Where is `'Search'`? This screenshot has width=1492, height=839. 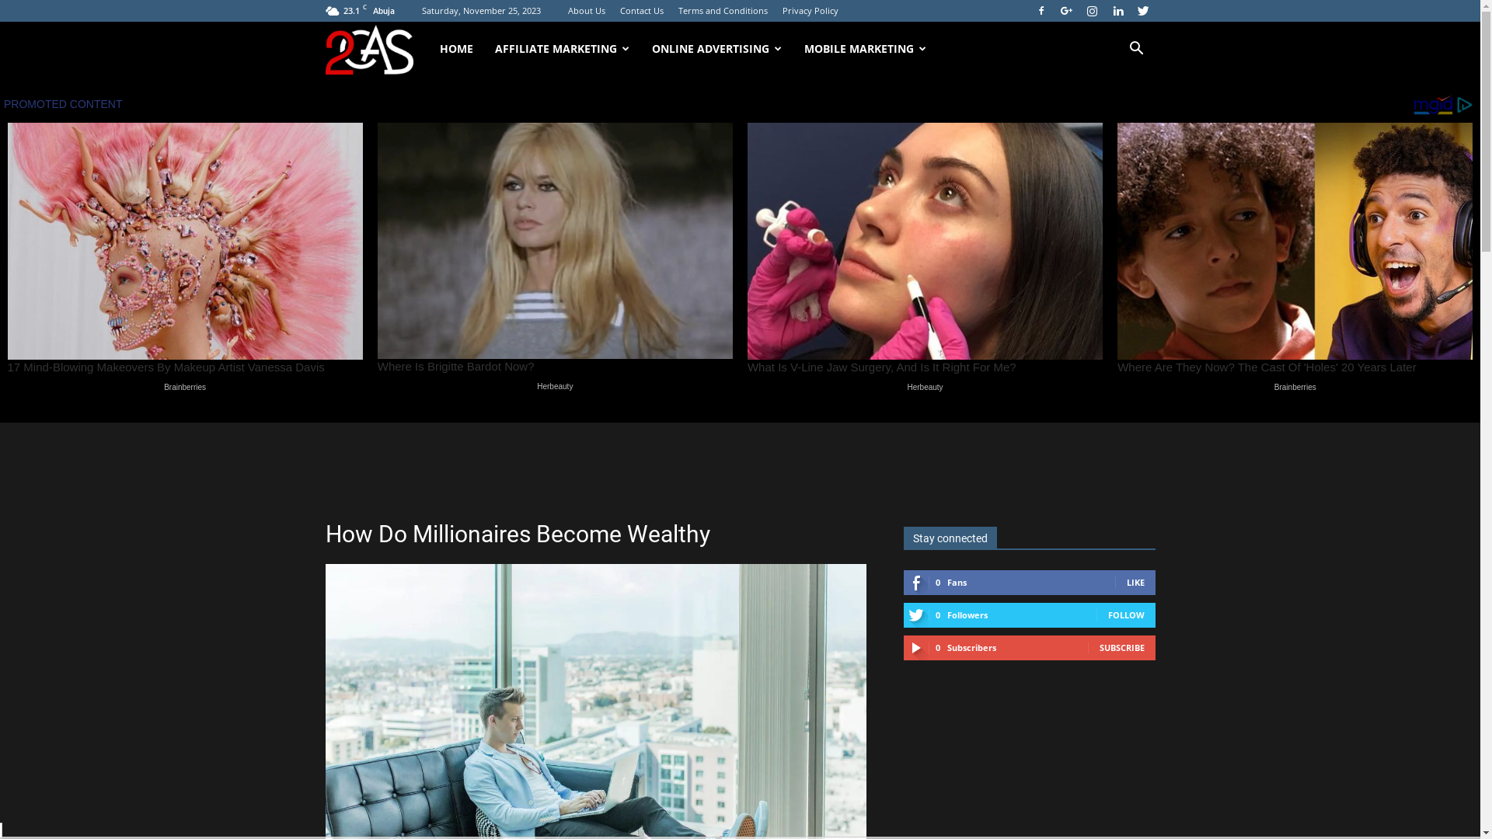 'Search' is located at coordinates (1110, 119).